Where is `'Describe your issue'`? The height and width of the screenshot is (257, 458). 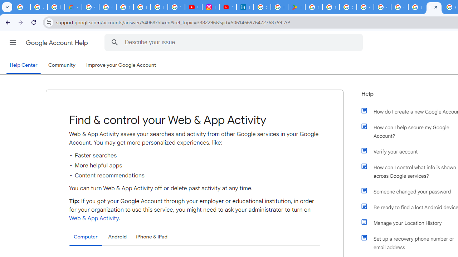
'Describe your issue' is located at coordinates (235, 42).